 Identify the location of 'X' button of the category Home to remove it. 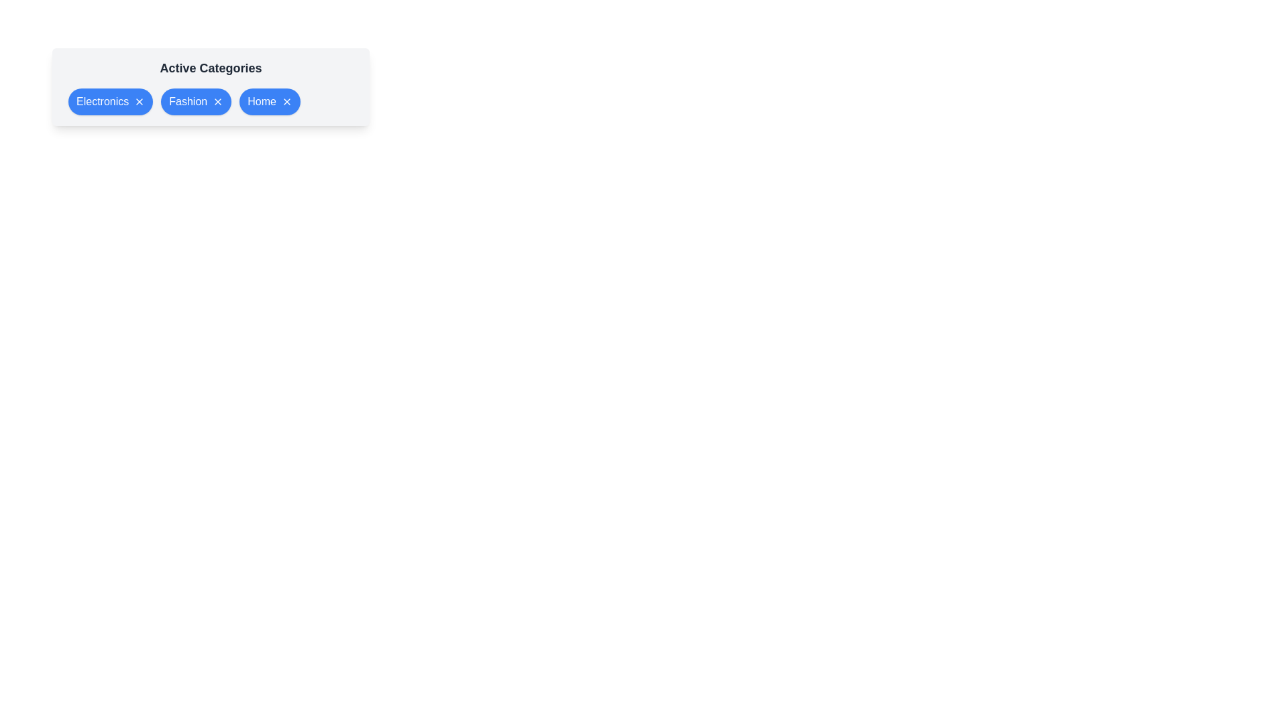
(286, 101).